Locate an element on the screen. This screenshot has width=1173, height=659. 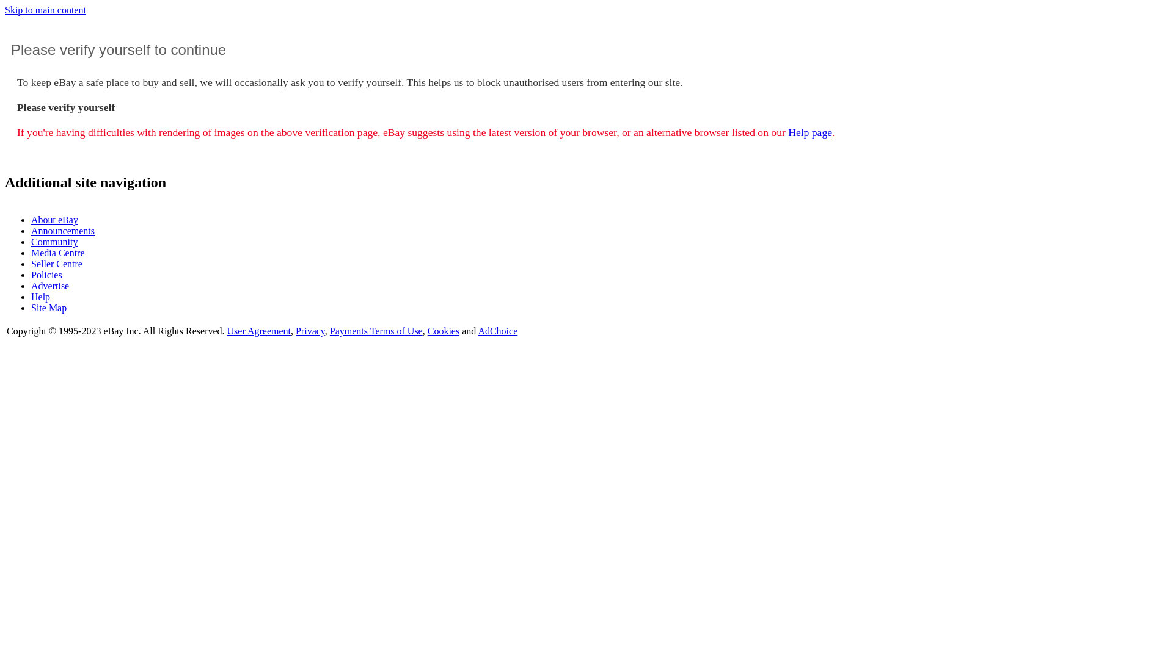
'About eBay' is located at coordinates (31, 220).